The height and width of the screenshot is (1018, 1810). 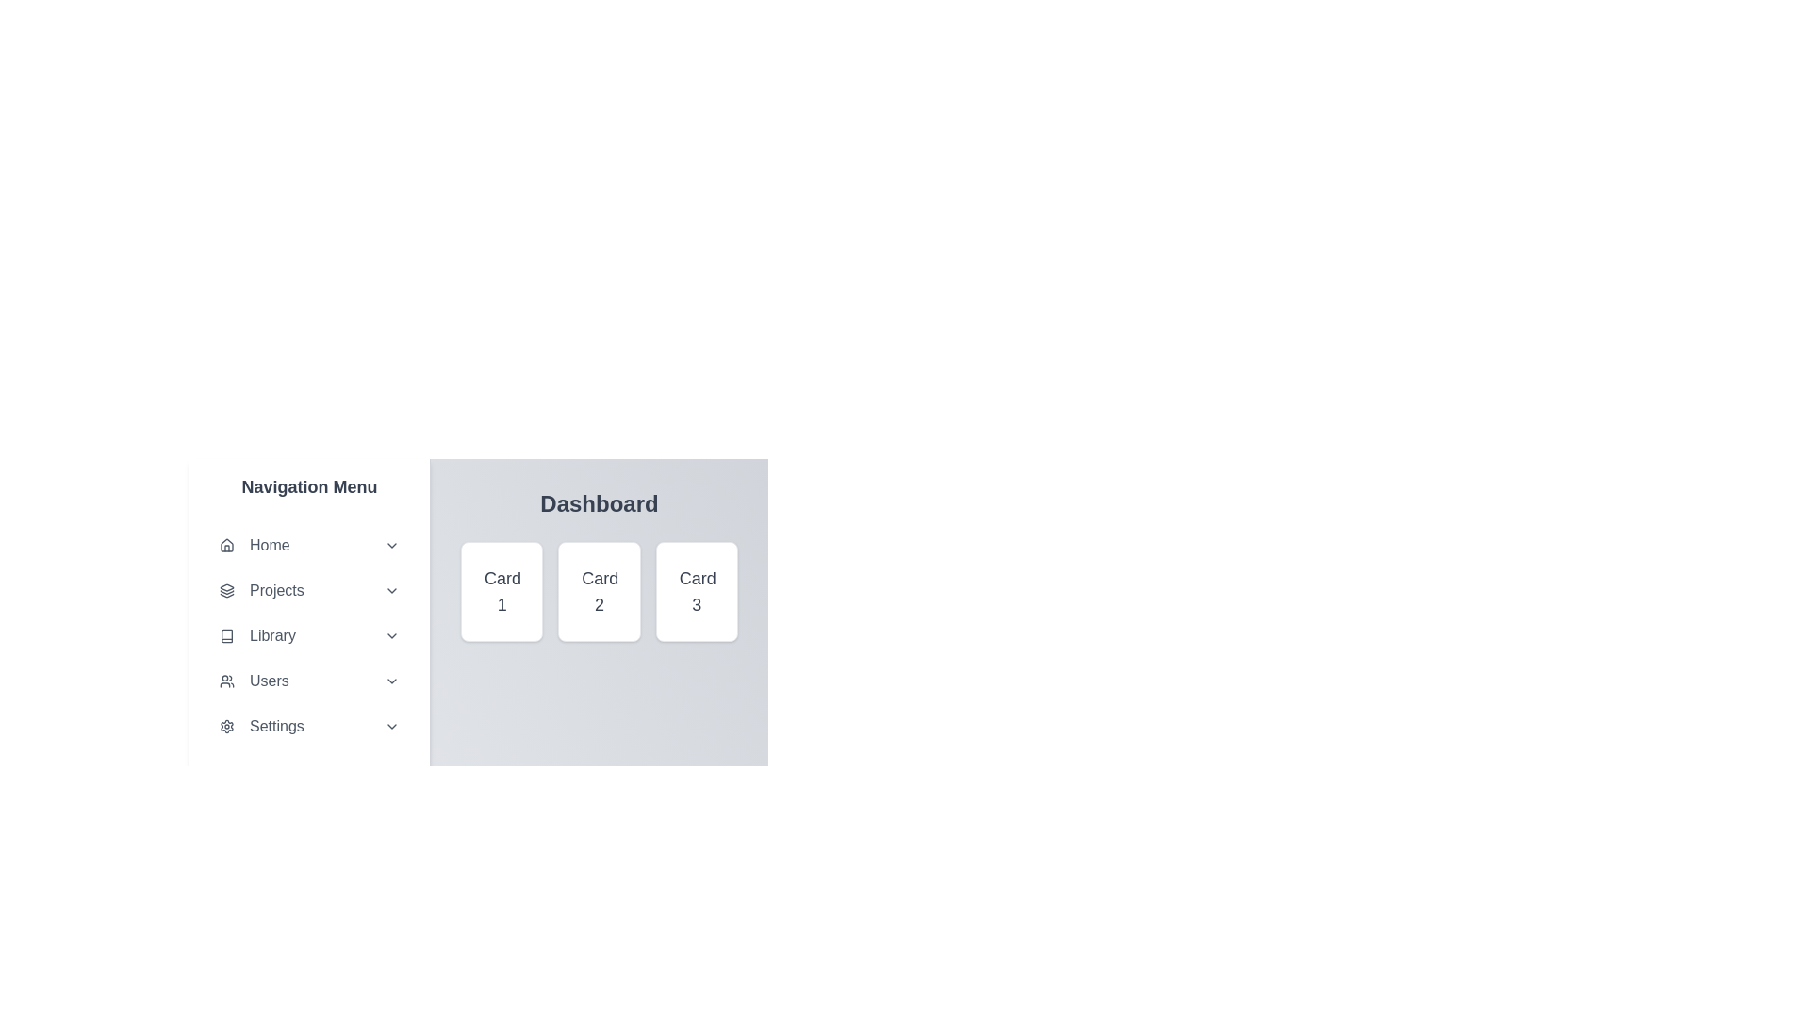 I want to click on the decorative icon for the 'Projects' menu item, which is positioned to the left of the text 'Projects' in the navigation menu, so click(x=226, y=590).